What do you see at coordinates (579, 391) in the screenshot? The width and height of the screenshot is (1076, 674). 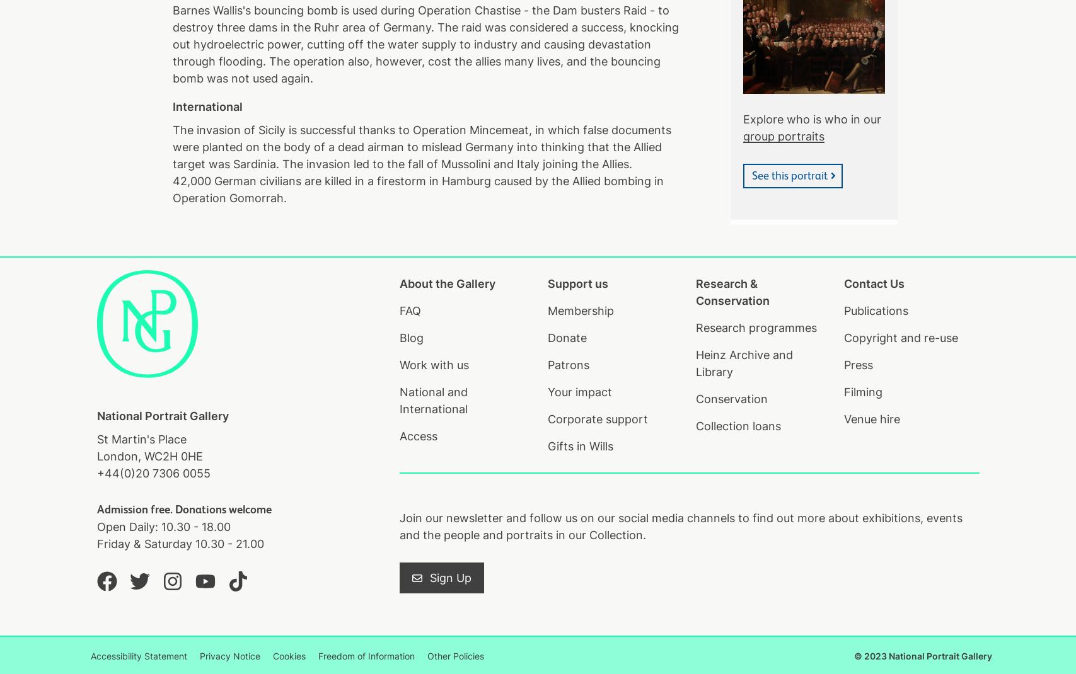 I see `'Your impact'` at bounding box center [579, 391].